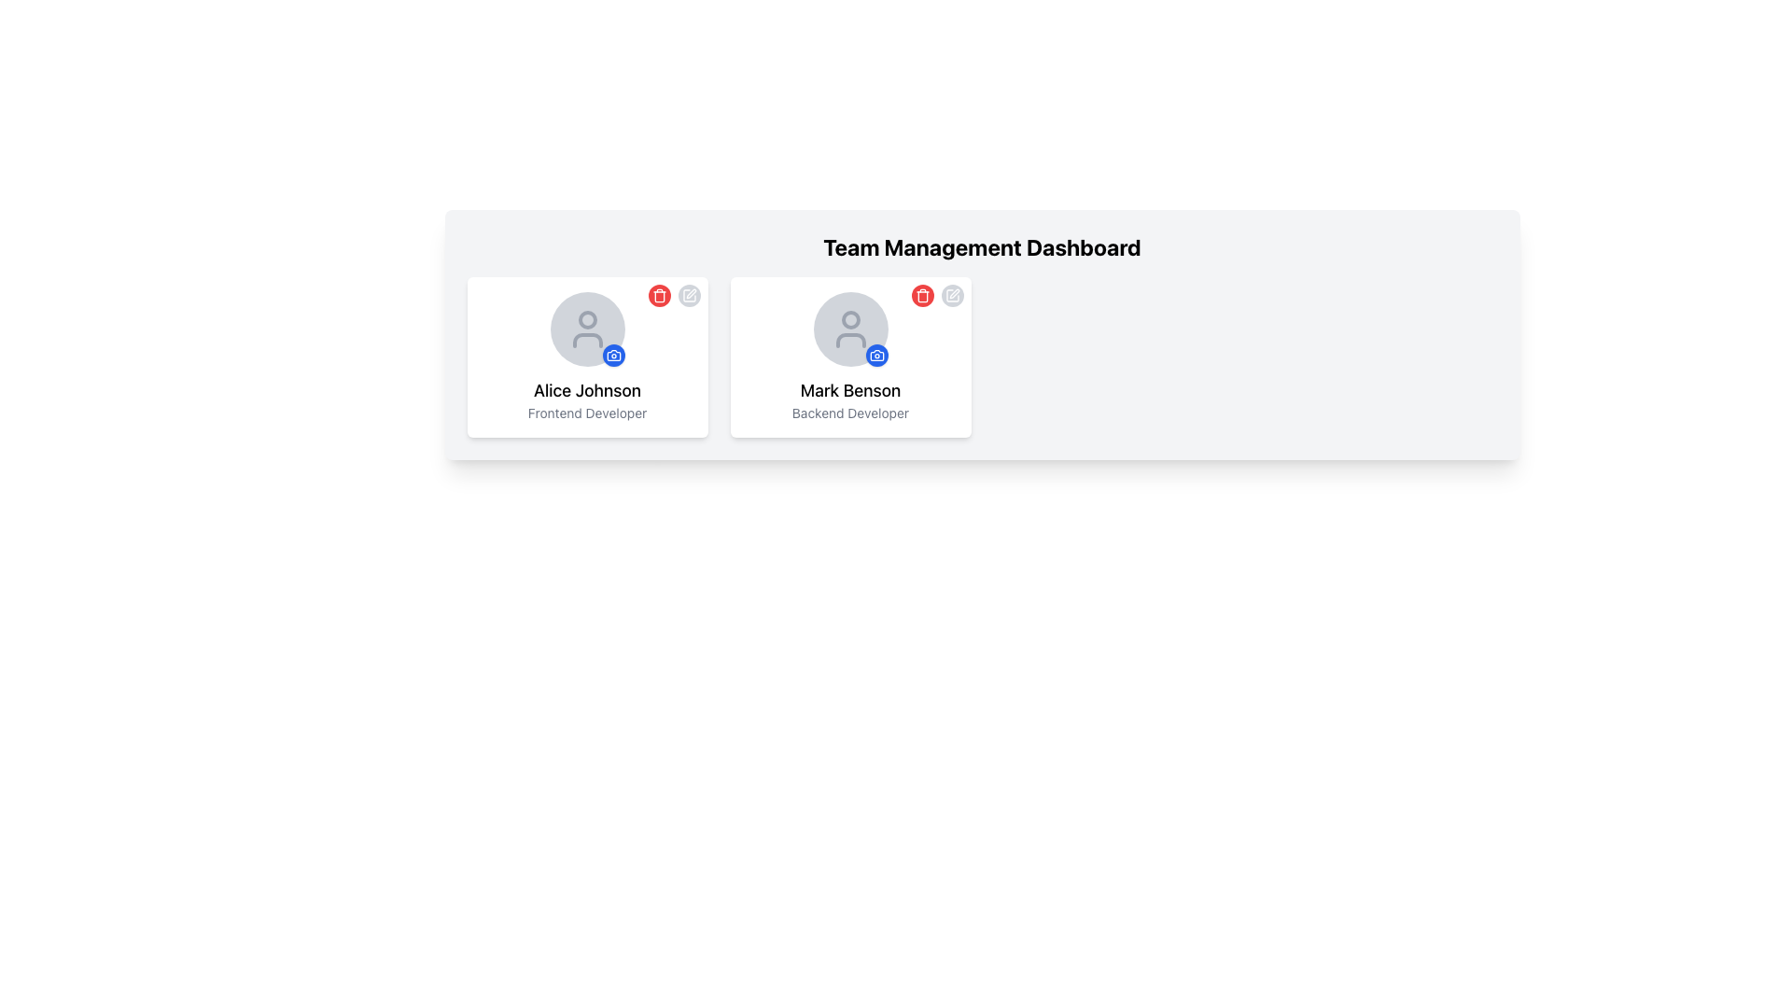 This screenshot has height=1008, width=1792. What do you see at coordinates (849, 357) in the screenshot?
I see `the avatar area of the profile card for 'Mark Benson'` at bounding box center [849, 357].